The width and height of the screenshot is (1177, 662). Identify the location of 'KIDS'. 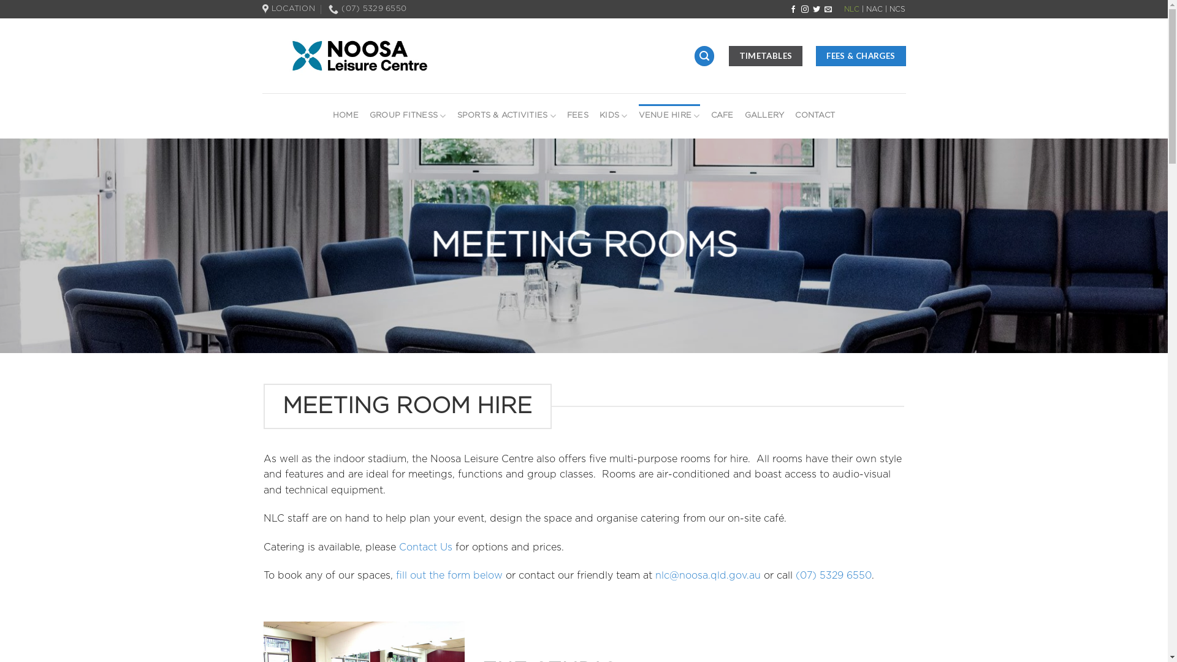
(613, 116).